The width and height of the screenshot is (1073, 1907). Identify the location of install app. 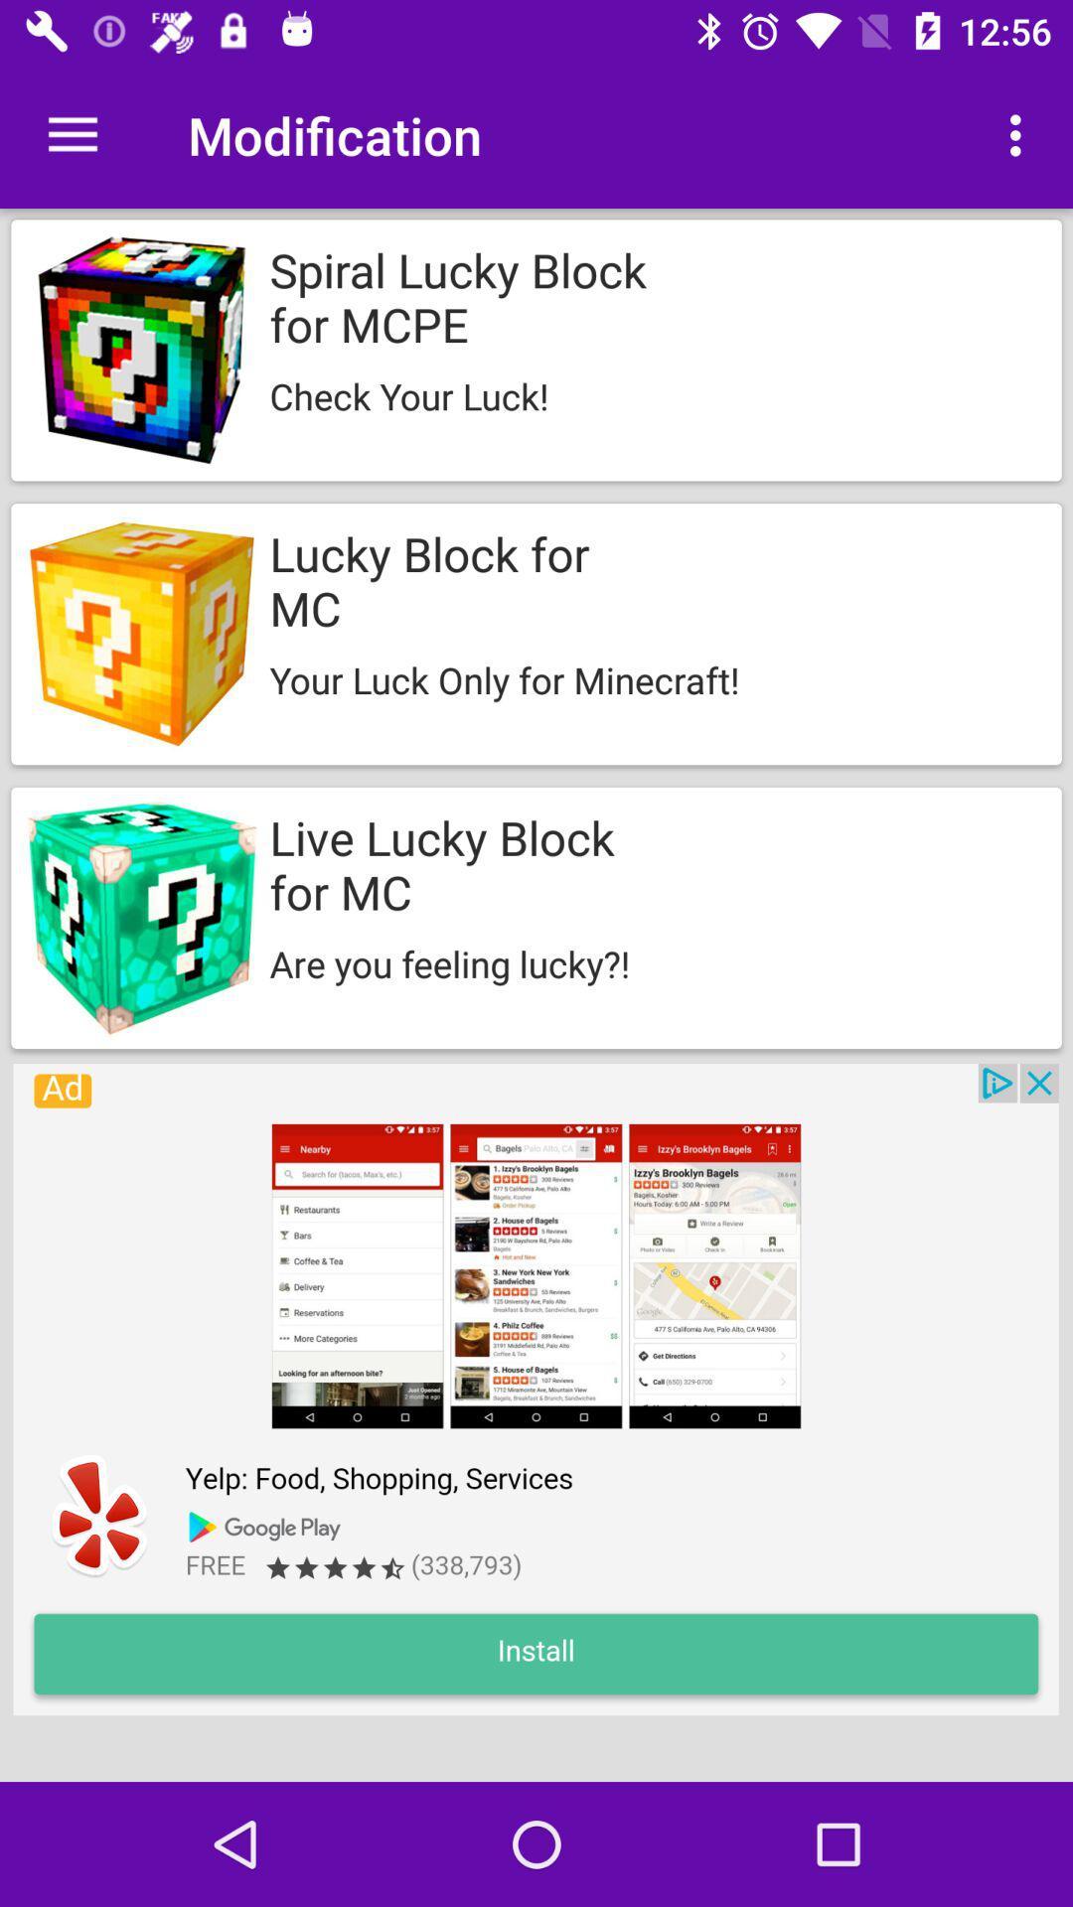
(535, 1389).